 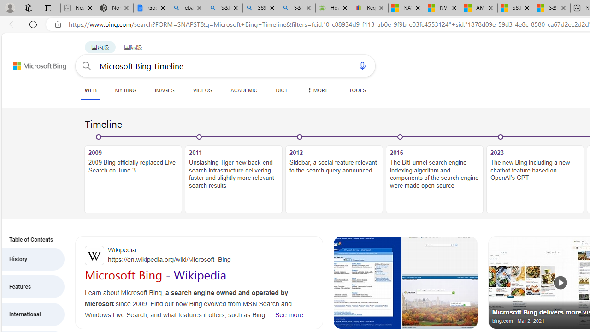 I want to click on 'TOOLS', so click(x=357, y=90).